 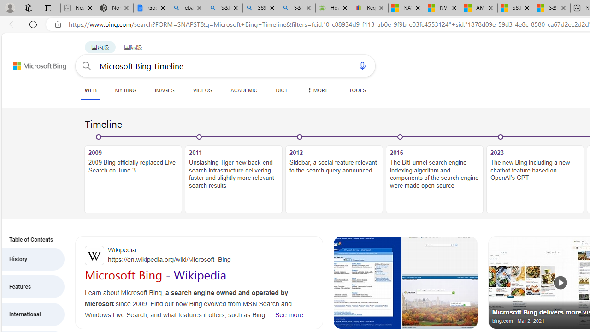 I want to click on 'TOOLS', so click(x=357, y=90).